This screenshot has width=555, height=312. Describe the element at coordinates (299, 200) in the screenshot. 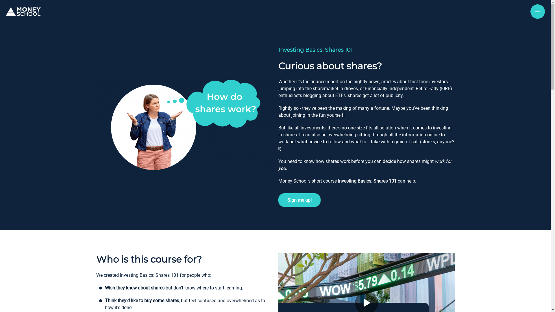

I see `'Sign me up!'` at that location.